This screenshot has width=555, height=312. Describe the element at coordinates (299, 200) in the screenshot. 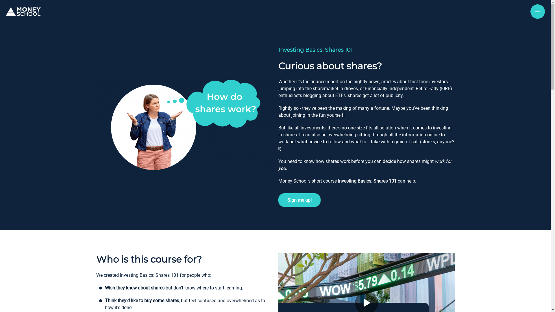

I see `'Sign me up!'` at that location.